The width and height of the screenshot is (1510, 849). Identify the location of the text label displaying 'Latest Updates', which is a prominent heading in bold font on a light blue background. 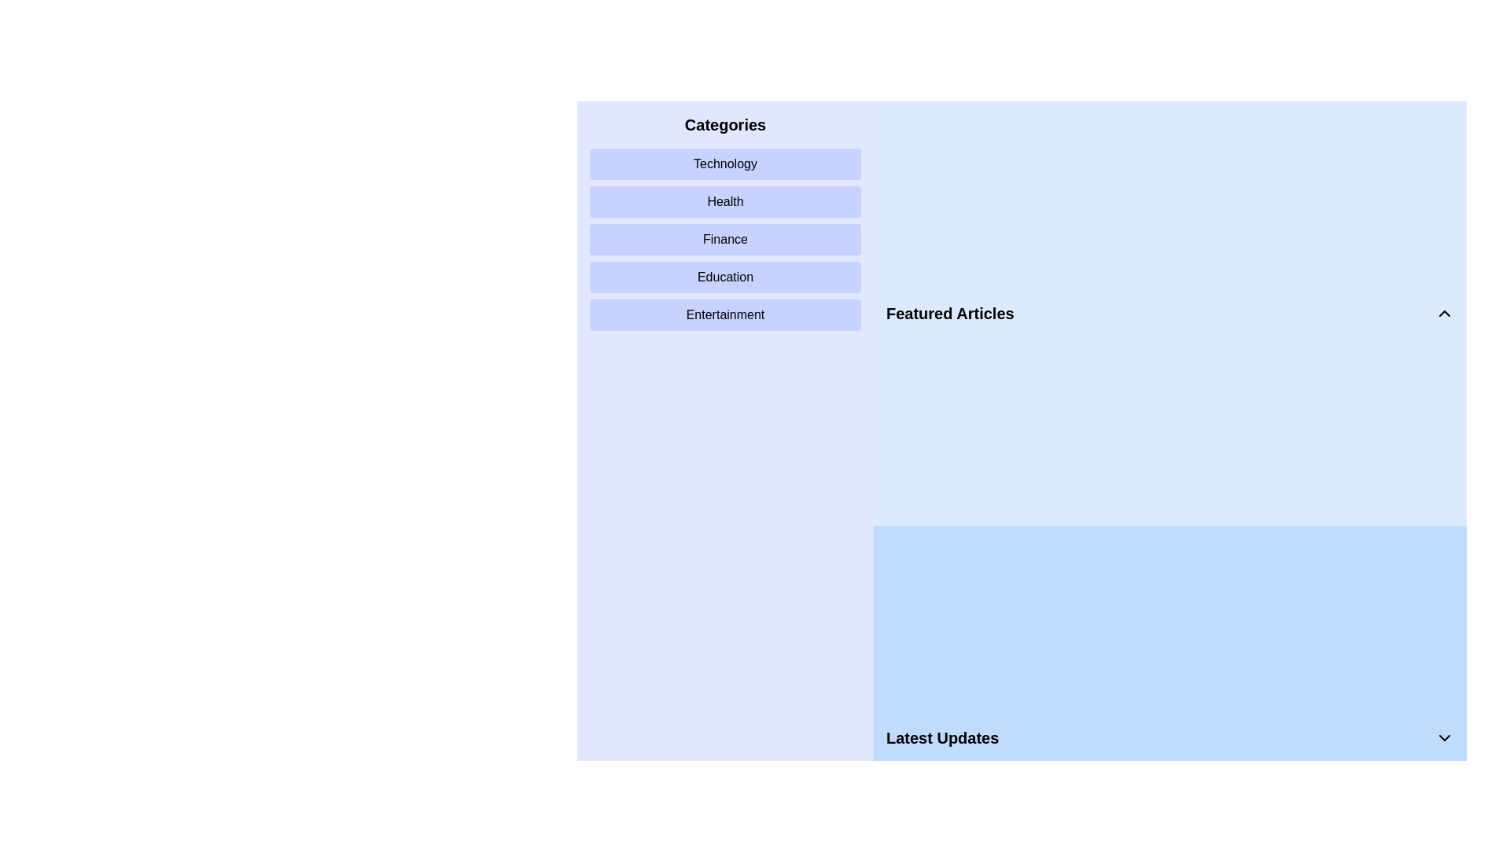
(942, 737).